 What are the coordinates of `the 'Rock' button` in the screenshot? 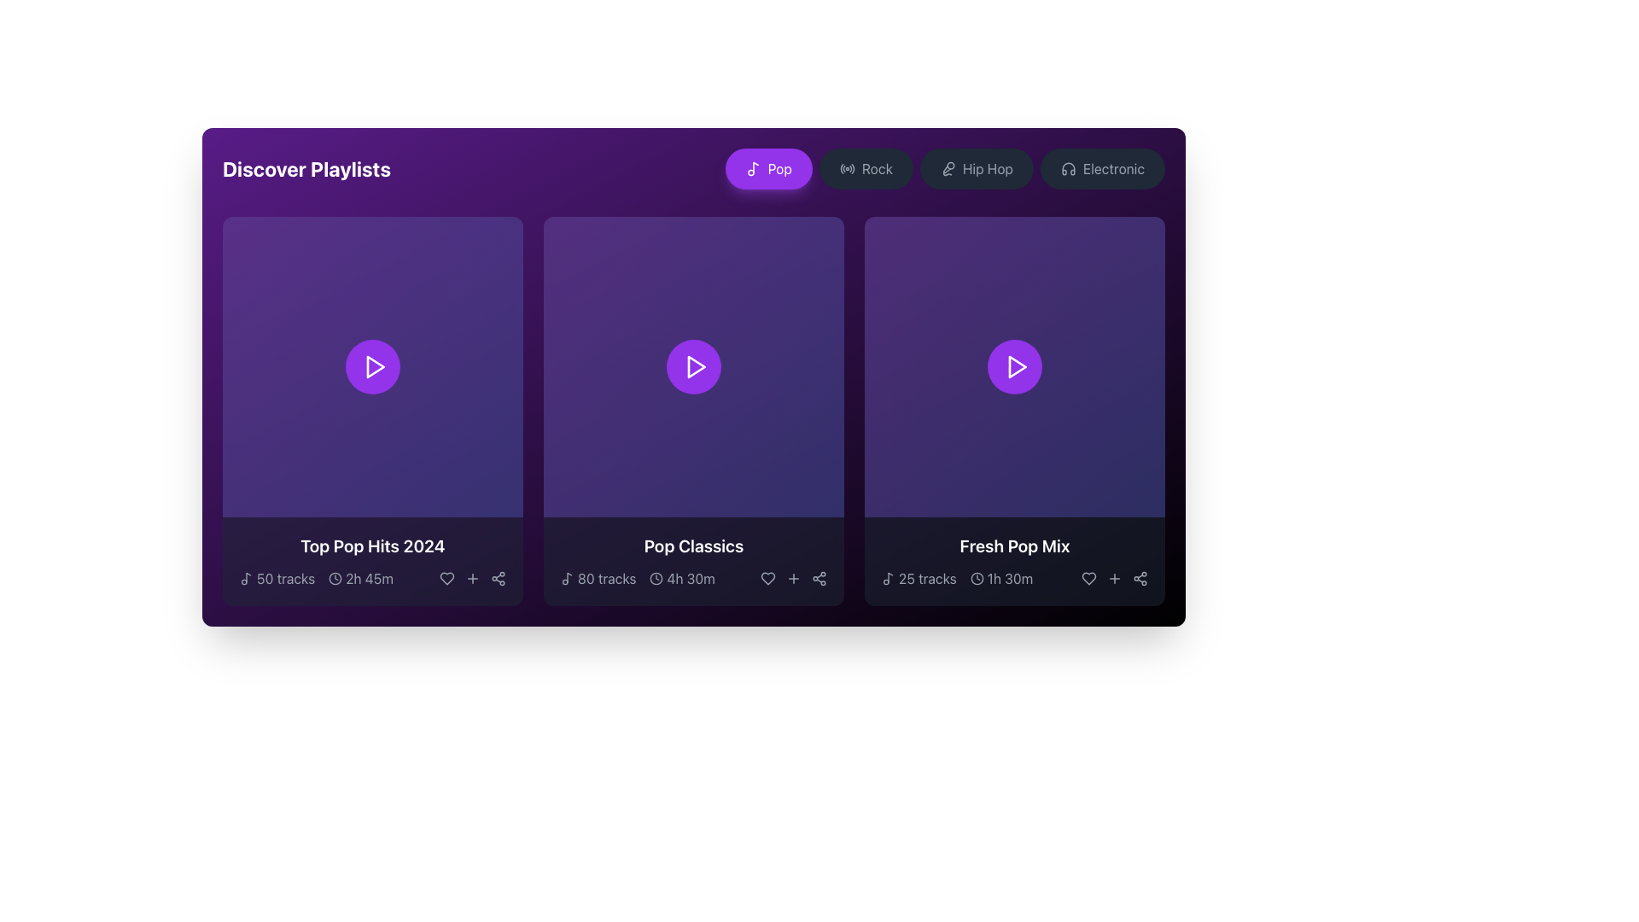 It's located at (877, 168).